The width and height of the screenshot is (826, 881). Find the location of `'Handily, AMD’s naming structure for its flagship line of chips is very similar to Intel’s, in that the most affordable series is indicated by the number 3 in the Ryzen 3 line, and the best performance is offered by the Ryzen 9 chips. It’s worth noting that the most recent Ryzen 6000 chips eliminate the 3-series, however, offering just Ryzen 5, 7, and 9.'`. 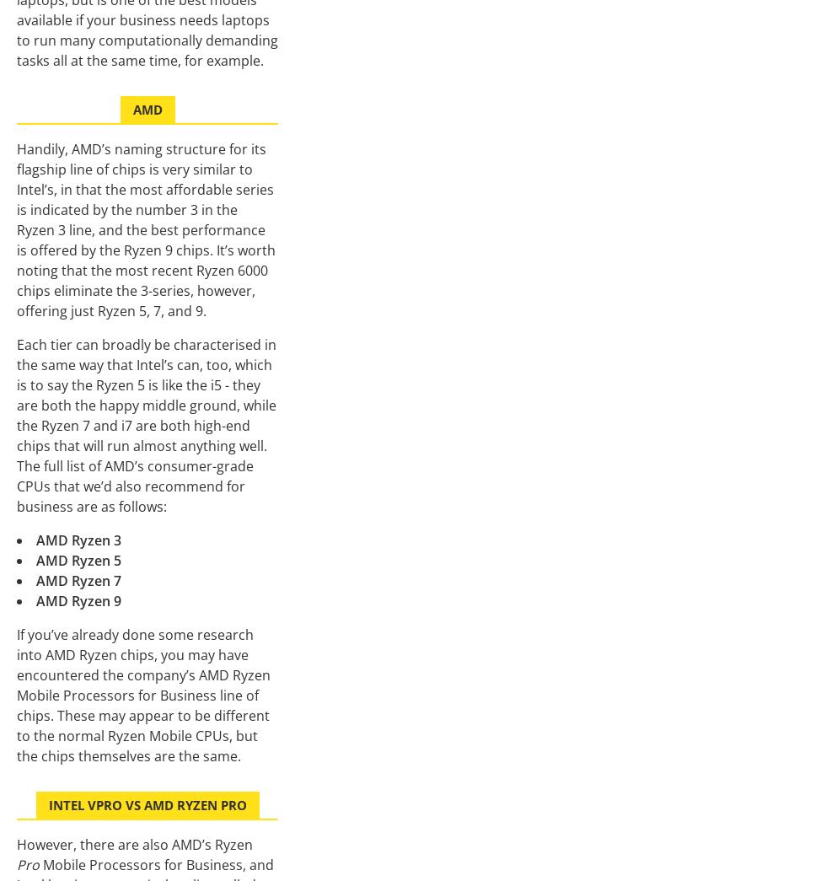

'Handily, AMD’s naming structure for its flagship line of chips is very similar to Intel’s, in that the most affordable series is indicated by the number 3 in the Ryzen 3 line, and the best performance is offered by the Ryzen 9 chips. It’s worth noting that the most recent Ryzen 6000 chips eliminate the 3-series, however, offering just Ryzen 5, 7, and 9.' is located at coordinates (146, 228).